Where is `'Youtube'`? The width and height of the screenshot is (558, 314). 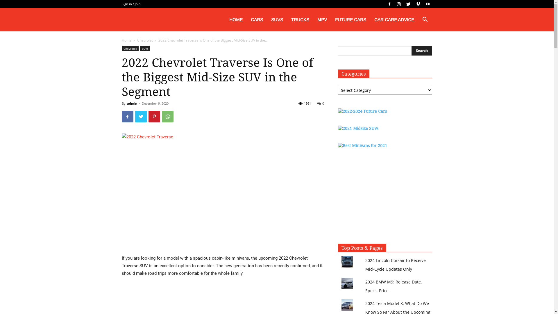
'Youtube' is located at coordinates (423, 4).